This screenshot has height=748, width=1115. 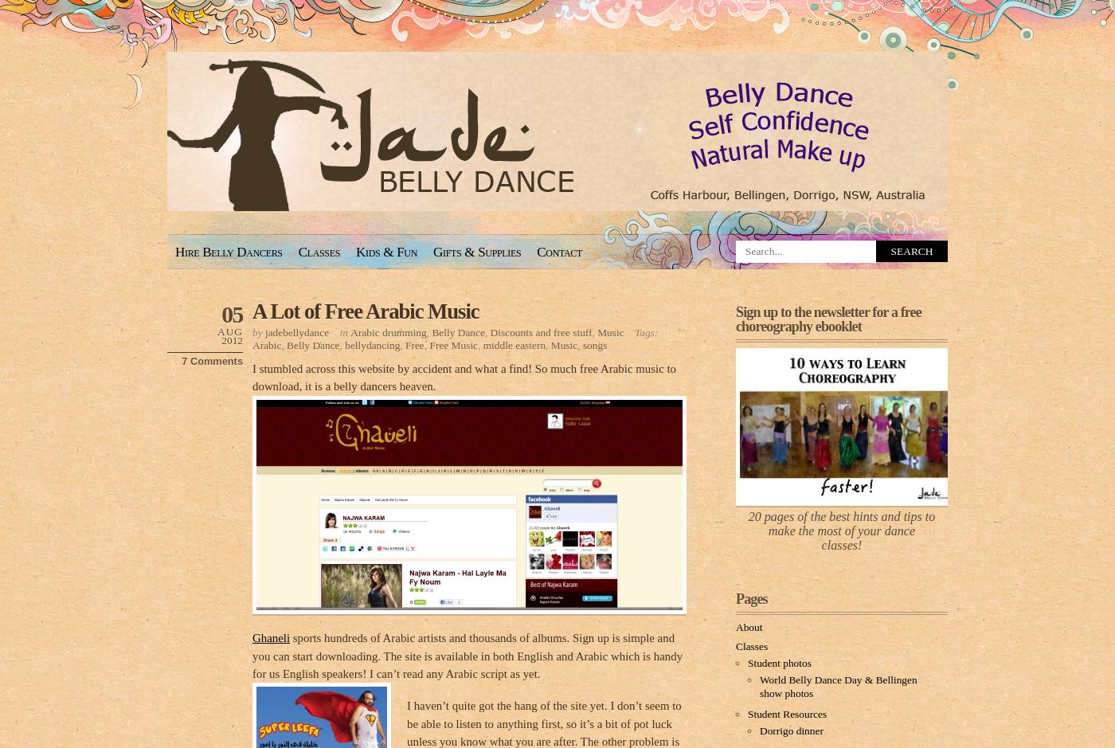 What do you see at coordinates (453, 343) in the screenshot?
I see `'Free Music'` at bounding box center [453, 343].